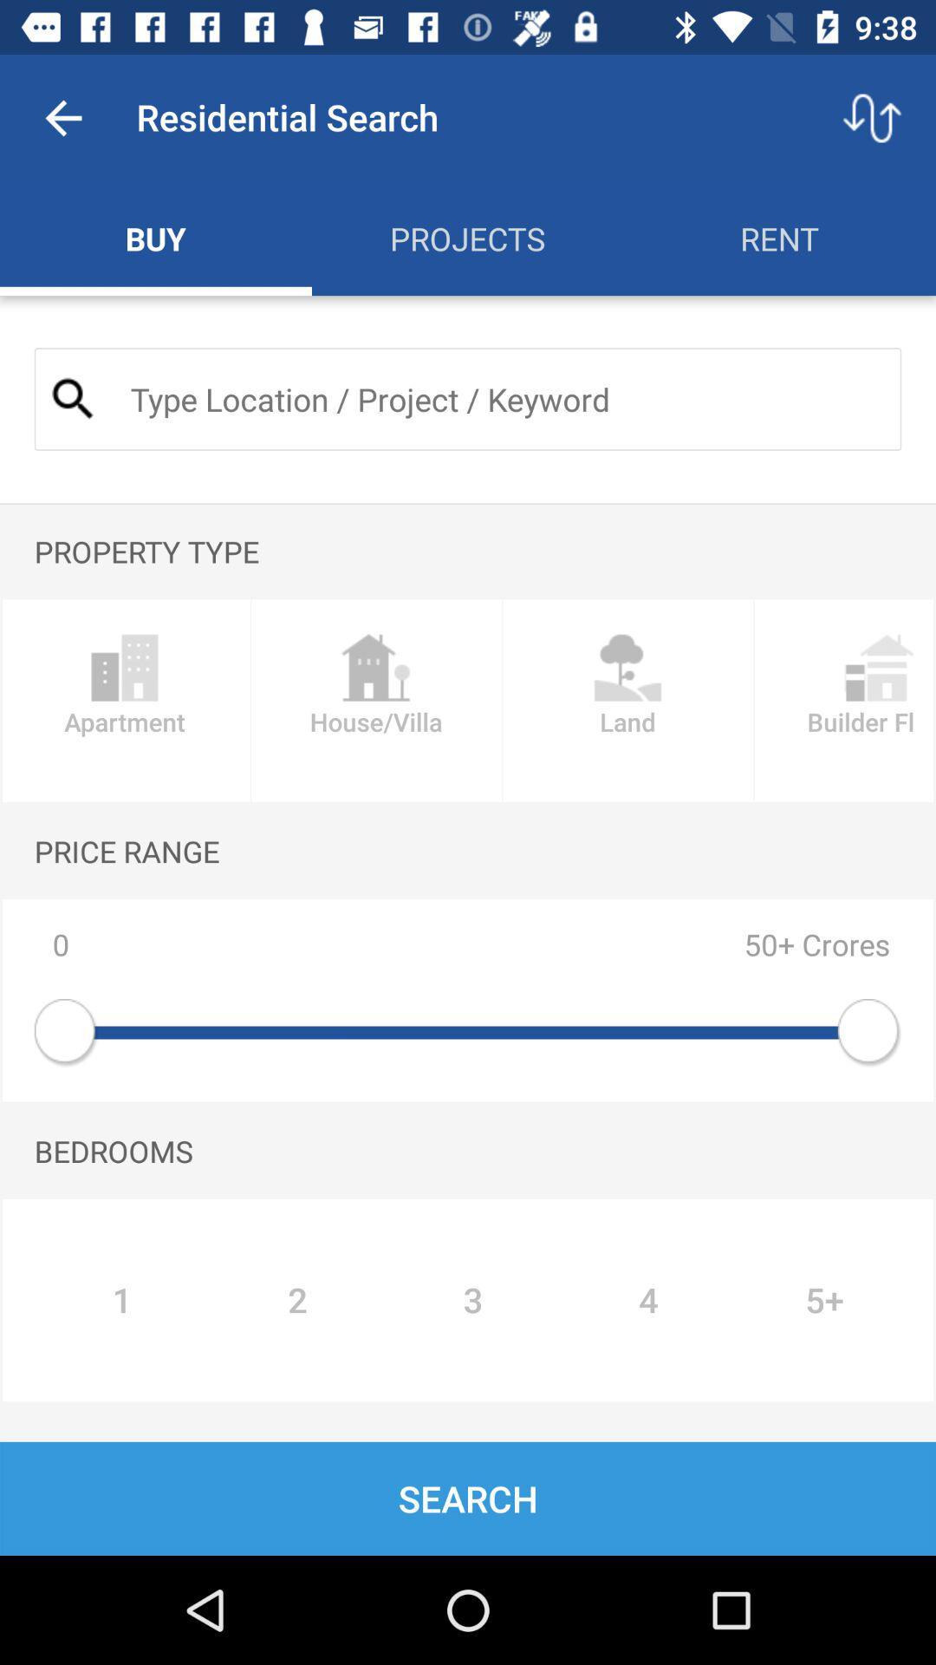 This screenshot has width=936, height=1665. I want to click on icon next to the residential search, so click(62, 117).